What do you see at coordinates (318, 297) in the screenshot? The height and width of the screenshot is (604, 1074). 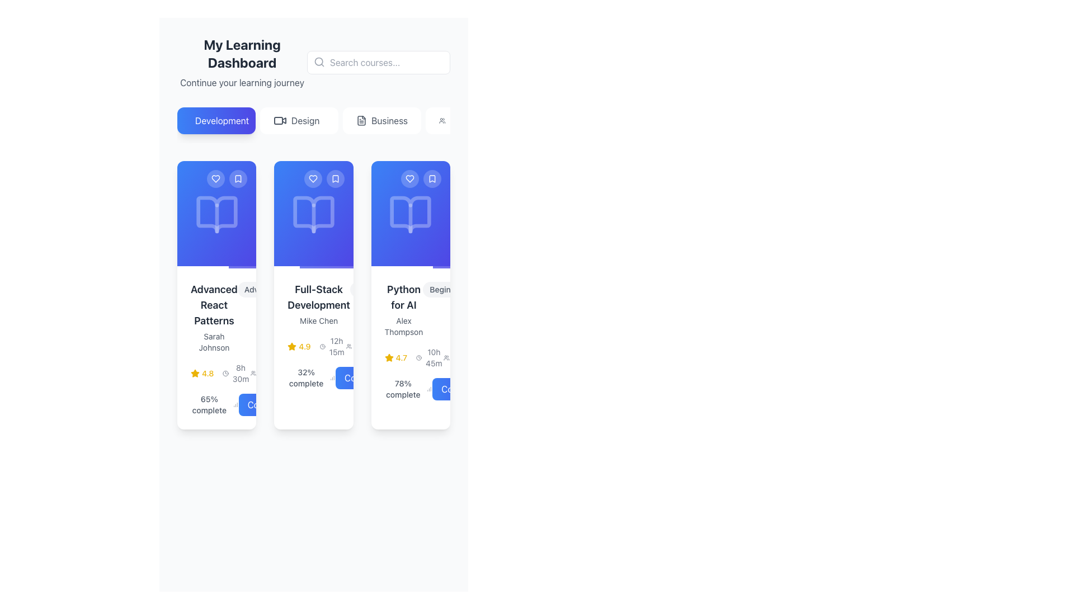 I see `bold, dark gray headline text 'Full-Stack Development' located in the second card of a three-card layout, positioned above 'Mike Chen' and below the icon` at bounding box center [318, 297].